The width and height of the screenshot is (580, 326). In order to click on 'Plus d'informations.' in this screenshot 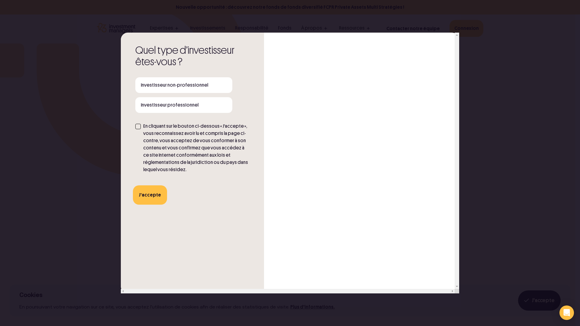, I will do `click(312, 307)`.